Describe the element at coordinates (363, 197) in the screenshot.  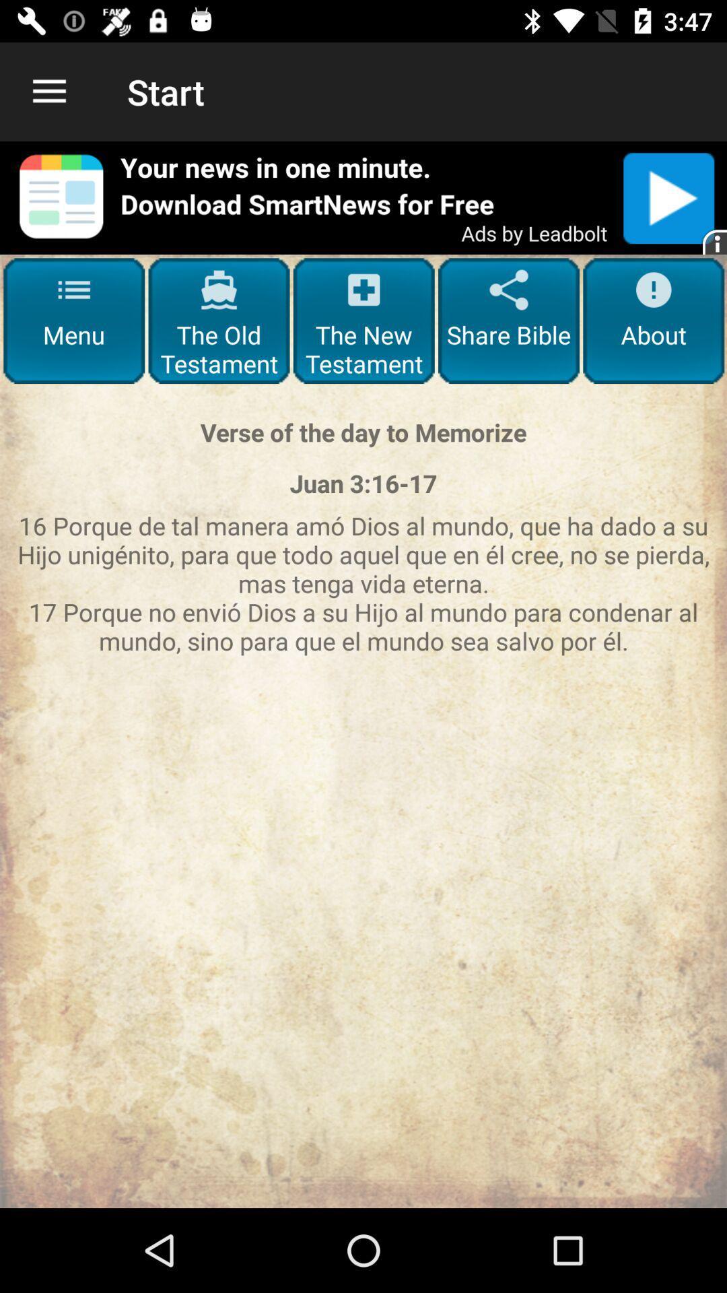
I see `open advertisement` at that location.